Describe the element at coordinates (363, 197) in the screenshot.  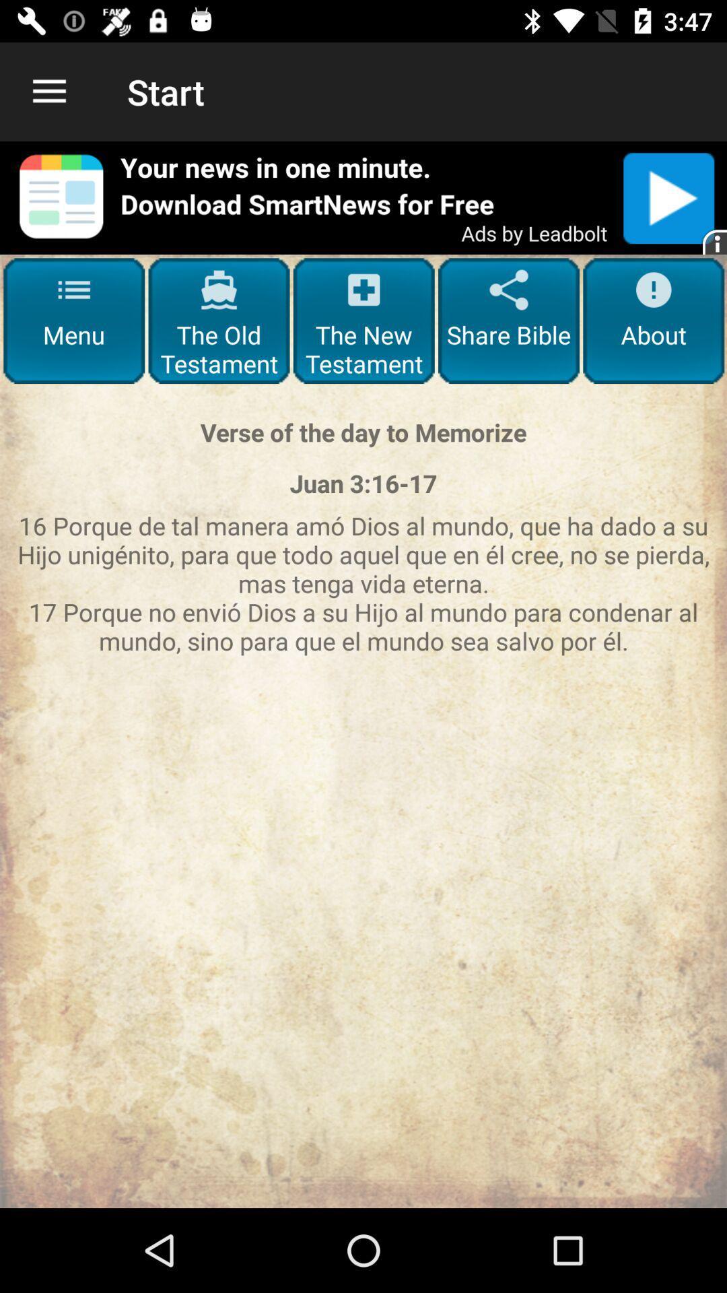
I see `open advertisement` at that location.